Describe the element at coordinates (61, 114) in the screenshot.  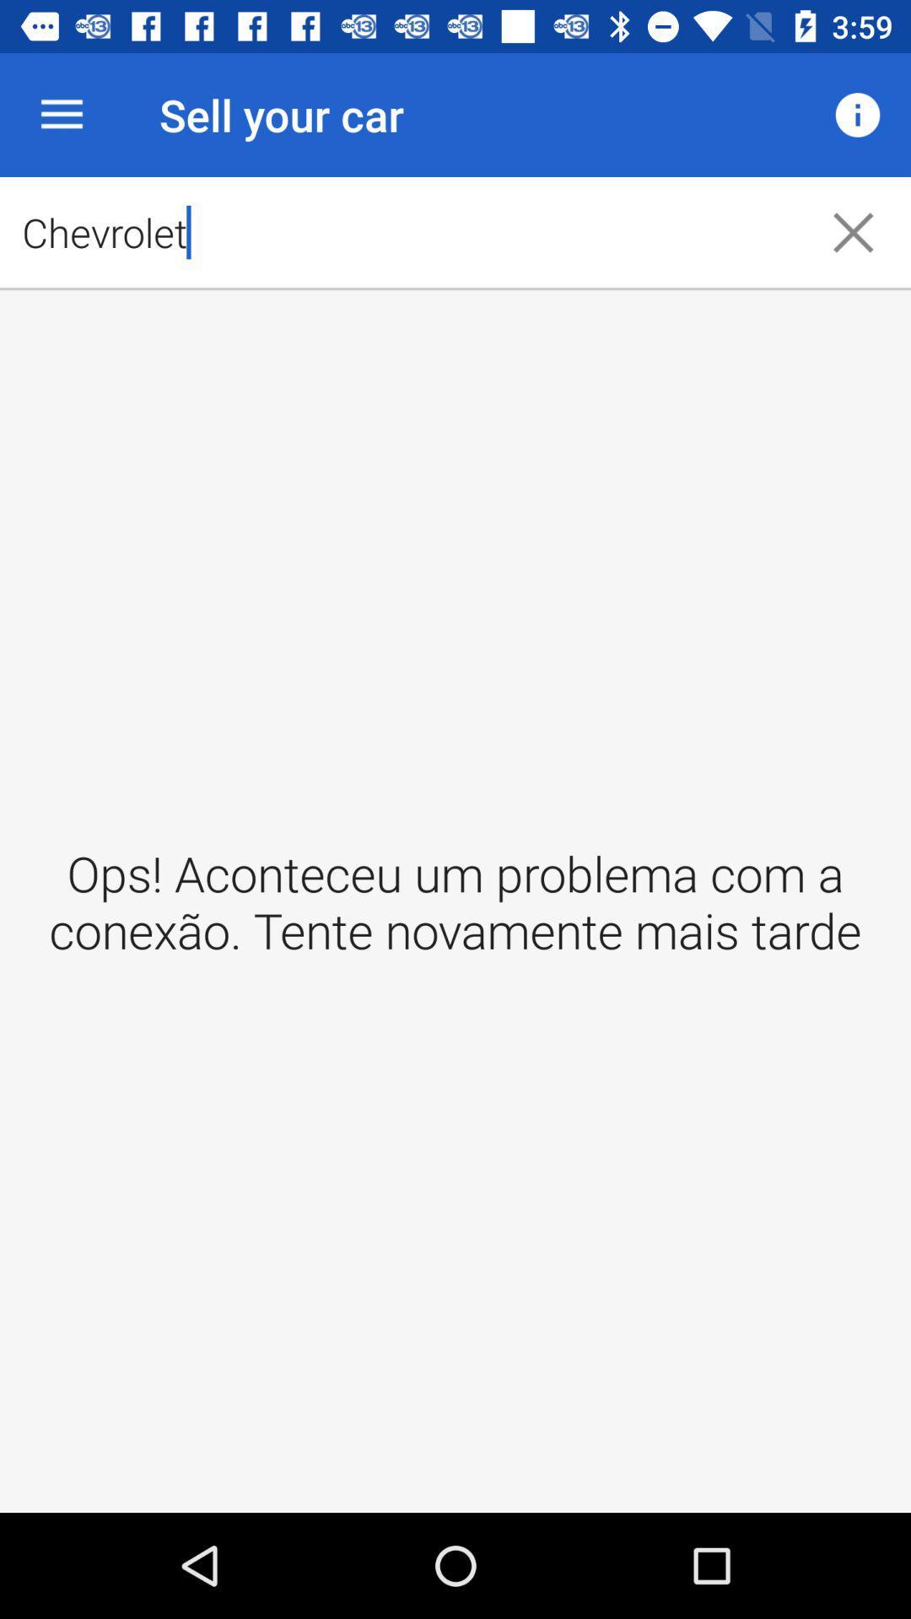
I see `the icon to the left of sell your car item` at that location.